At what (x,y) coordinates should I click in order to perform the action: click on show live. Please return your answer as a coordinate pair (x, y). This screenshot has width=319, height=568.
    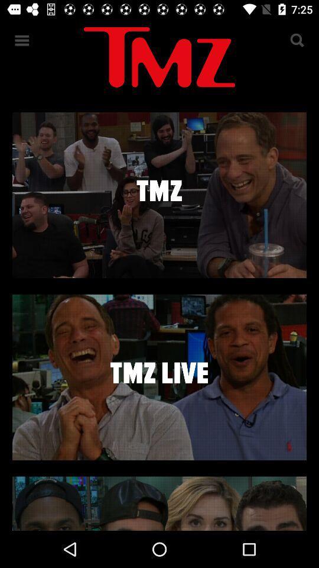
    Looking at the image, I should click on (159, 376).